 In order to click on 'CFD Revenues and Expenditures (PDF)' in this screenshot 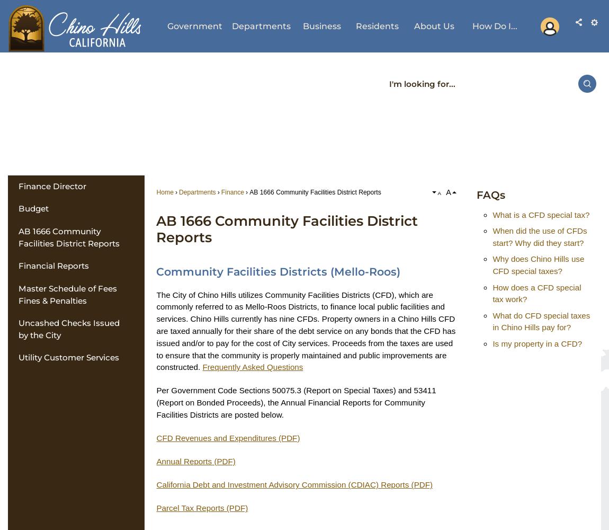, I will do `click(228, 437)`.